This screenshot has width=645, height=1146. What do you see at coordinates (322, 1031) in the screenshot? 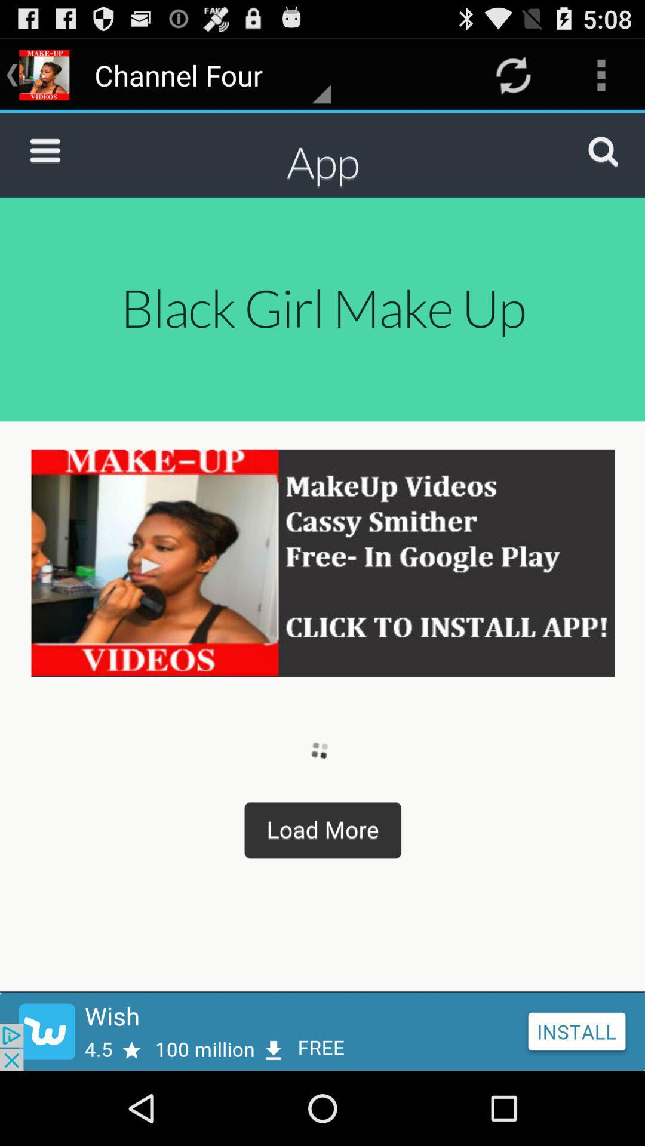
I see `access advertisement` at bounding box center [322, 1031].